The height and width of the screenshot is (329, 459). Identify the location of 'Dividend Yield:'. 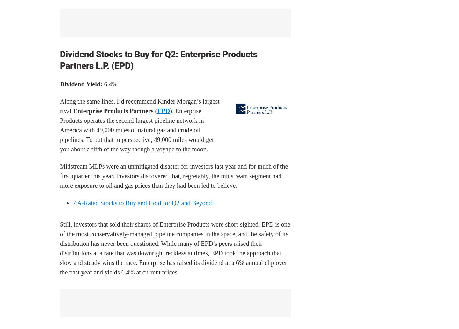
(81, 84).